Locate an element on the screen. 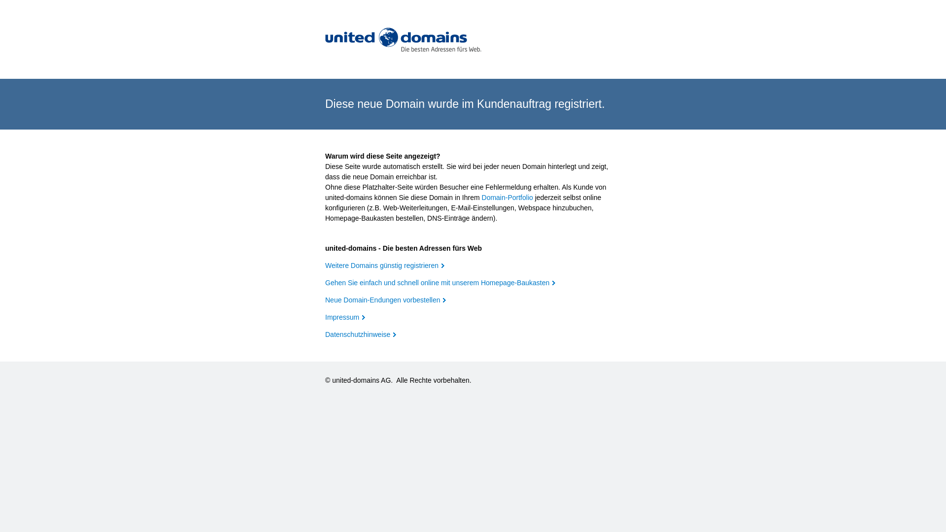 This screenshot has width=946, height=532. 'Domain-Portfolio' is located at coordinates (507, 198).